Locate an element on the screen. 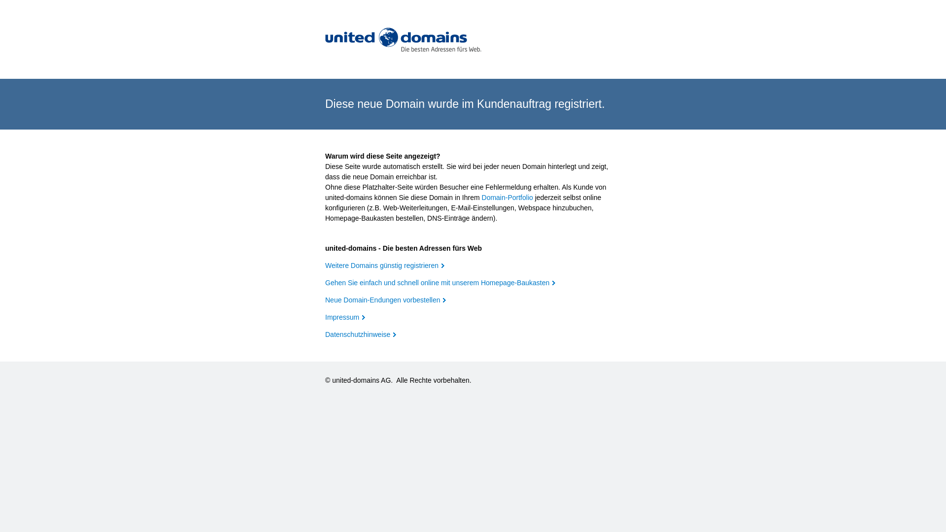 This screenshot has width=946, height=532. 'Domain-Portfolio' is located at coordinates (507, 198).